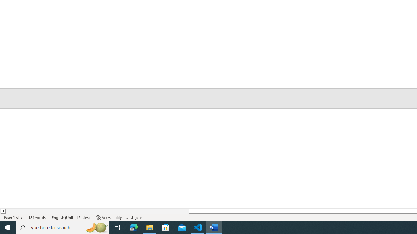 The height and width of the screenshot is (234, 417). Describe the element at coordinates (150, 227) in the screenshot. I see `'File Explorer - 1 running window'` at that location.